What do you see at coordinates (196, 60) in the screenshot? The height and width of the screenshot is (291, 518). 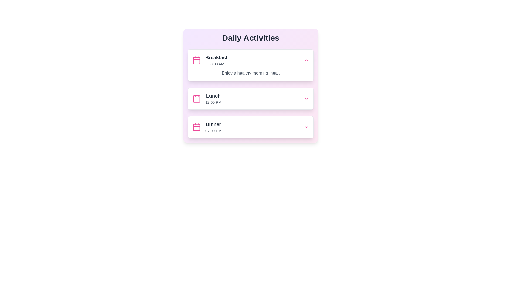 I see `the 'Breakfast' schedule event icon, which is located to the left of the text 'Breakfast' and '08:00 AM' within the 'Daily Activities' card` at bounding box center [196, 60].